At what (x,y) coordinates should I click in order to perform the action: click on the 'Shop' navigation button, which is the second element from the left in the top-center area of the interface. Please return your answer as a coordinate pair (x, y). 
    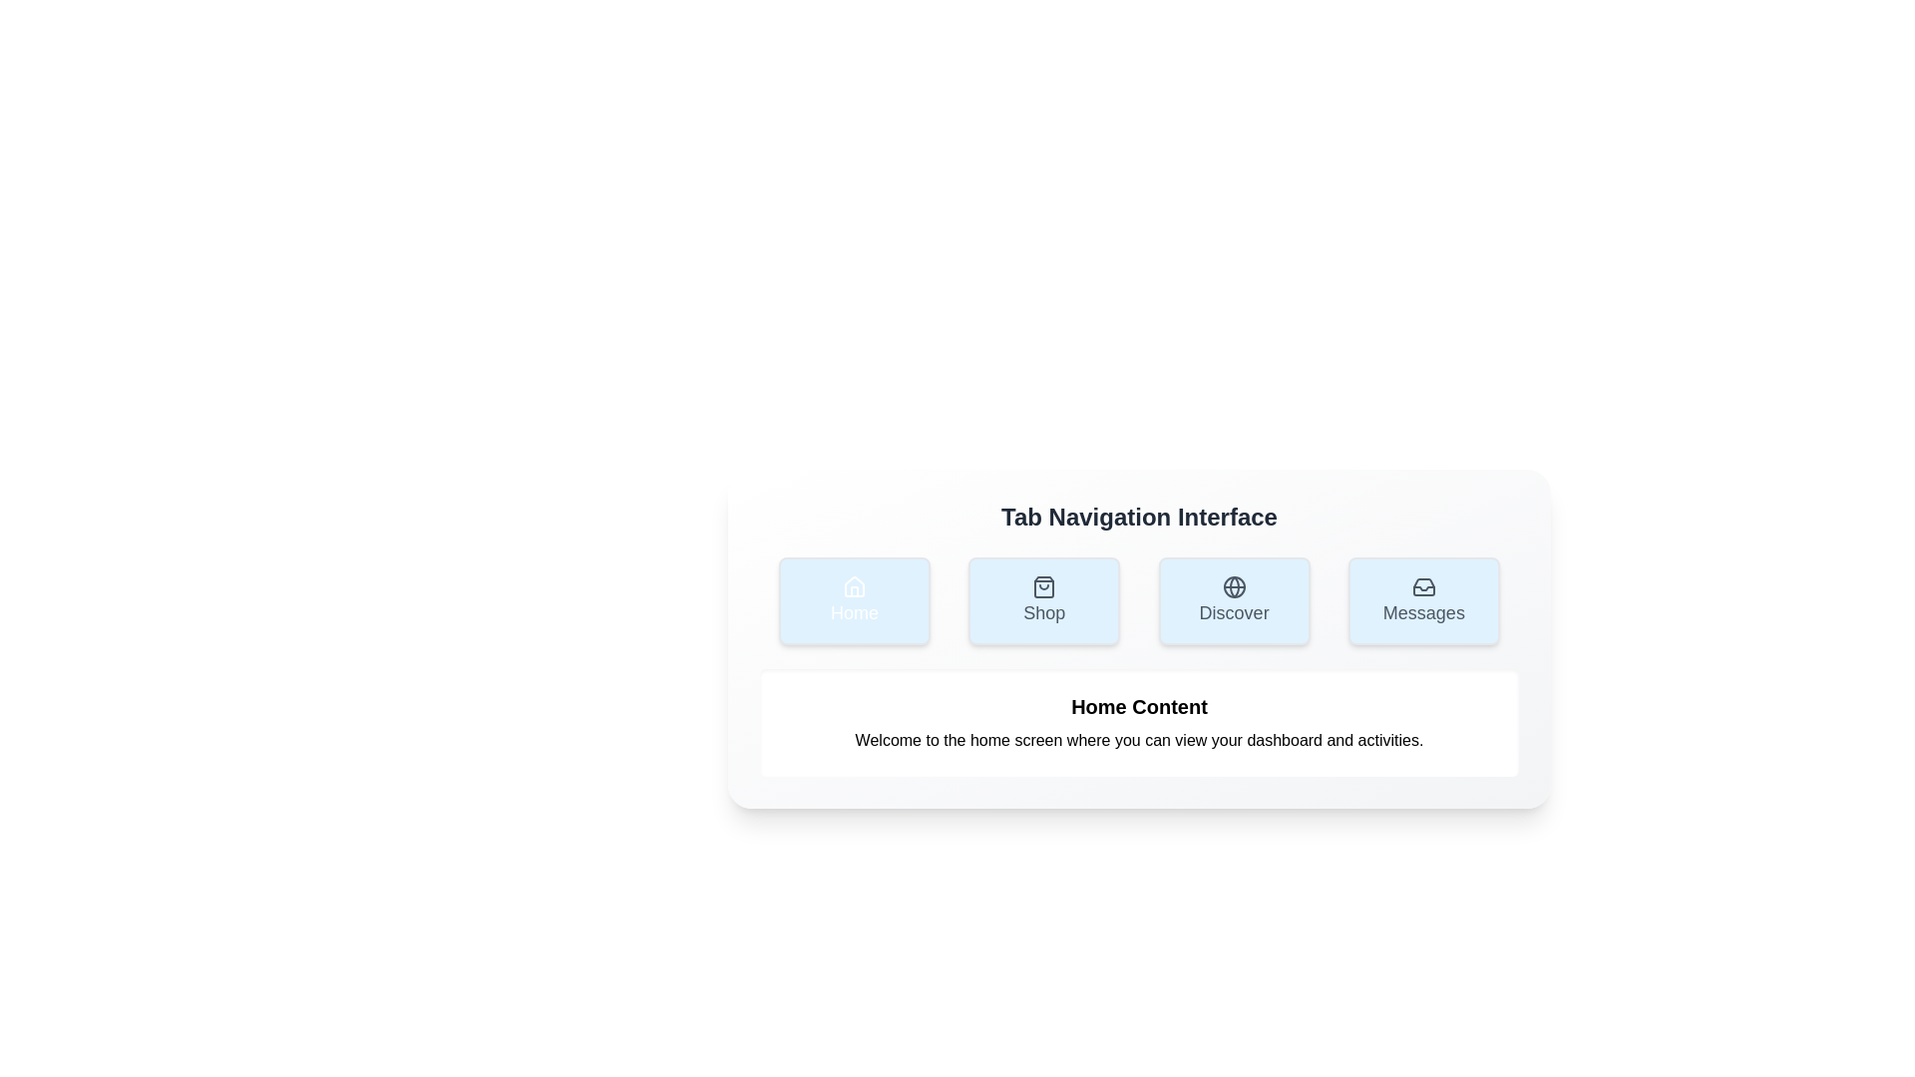
    Looking at the image, I should click on (1043, 586).